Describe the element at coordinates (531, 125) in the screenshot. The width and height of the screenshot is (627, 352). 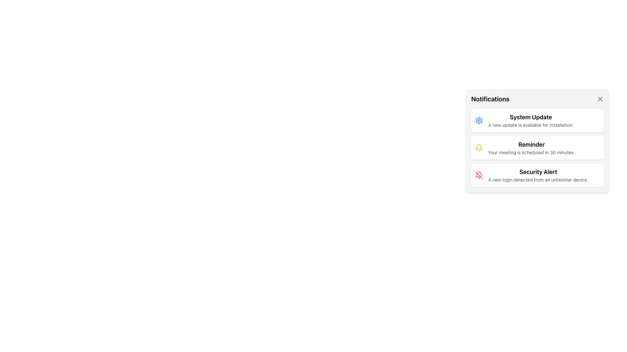
I see `text label that displays 'A new update is available for installation.' located under the 'System Update' header in the notification modal` at that location.